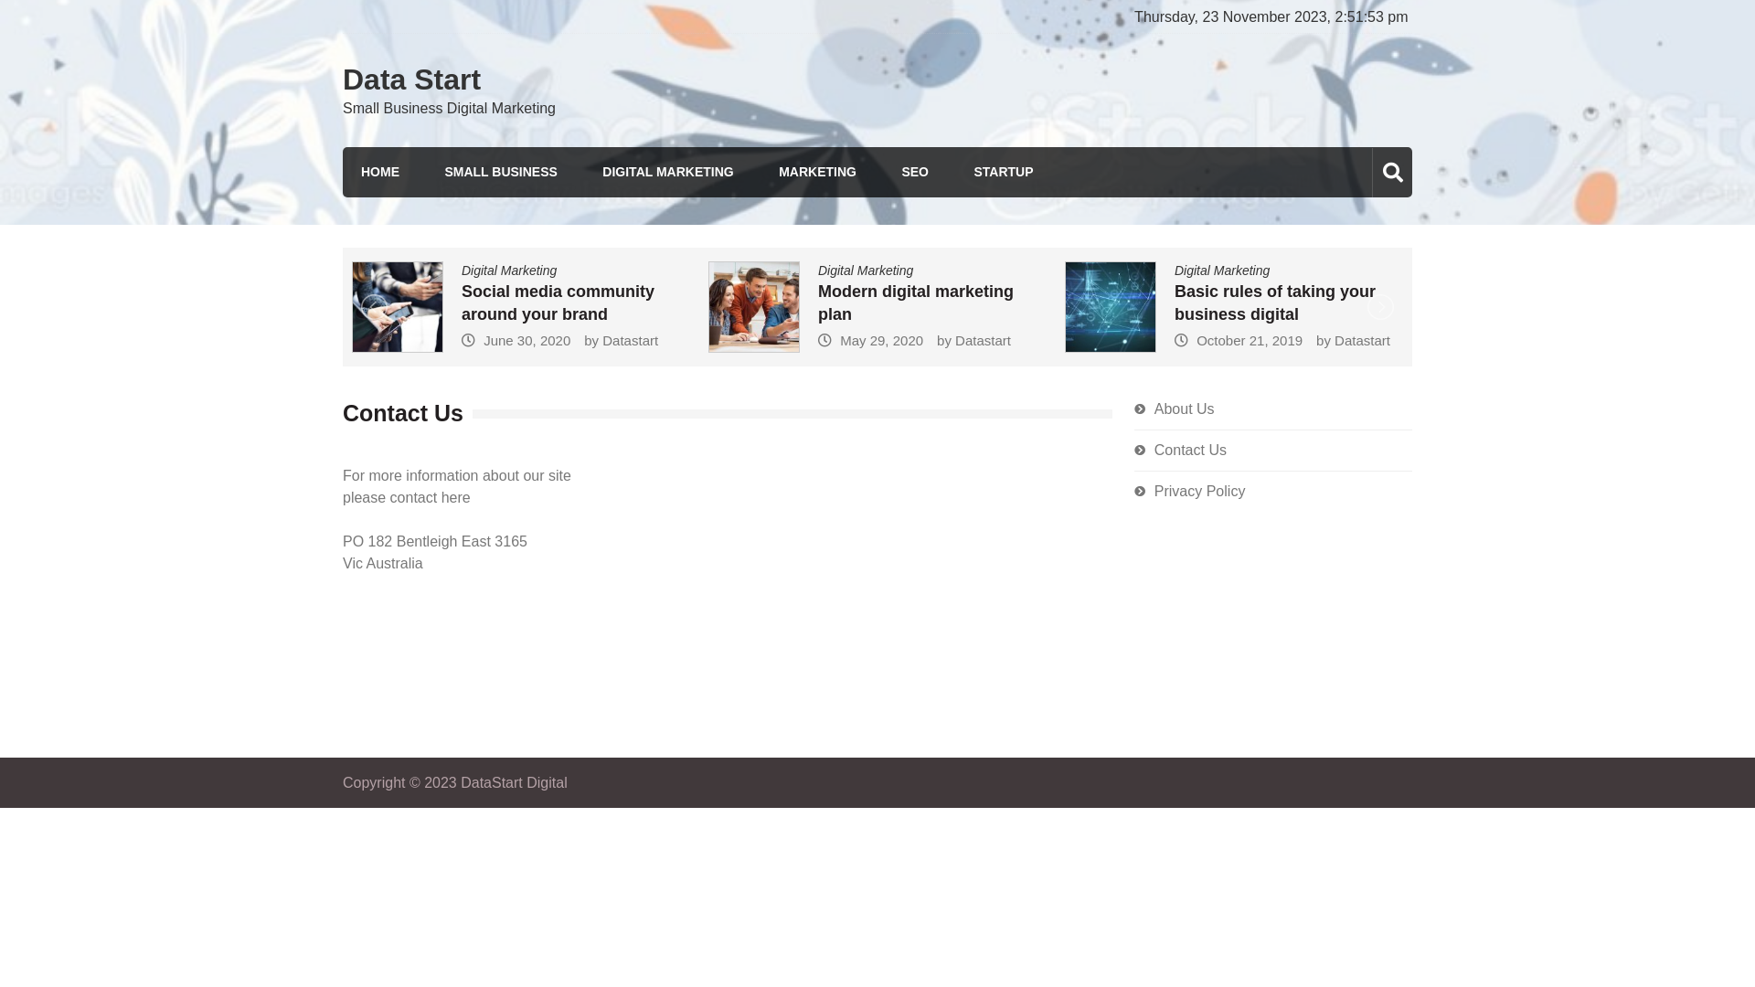 Image resolution: width=1755 pixels, height=987 pixels. Describe the element at coordinates (1320, 302) in the screenshot. I see `'Basic rules of taking your business digital'` at that location.